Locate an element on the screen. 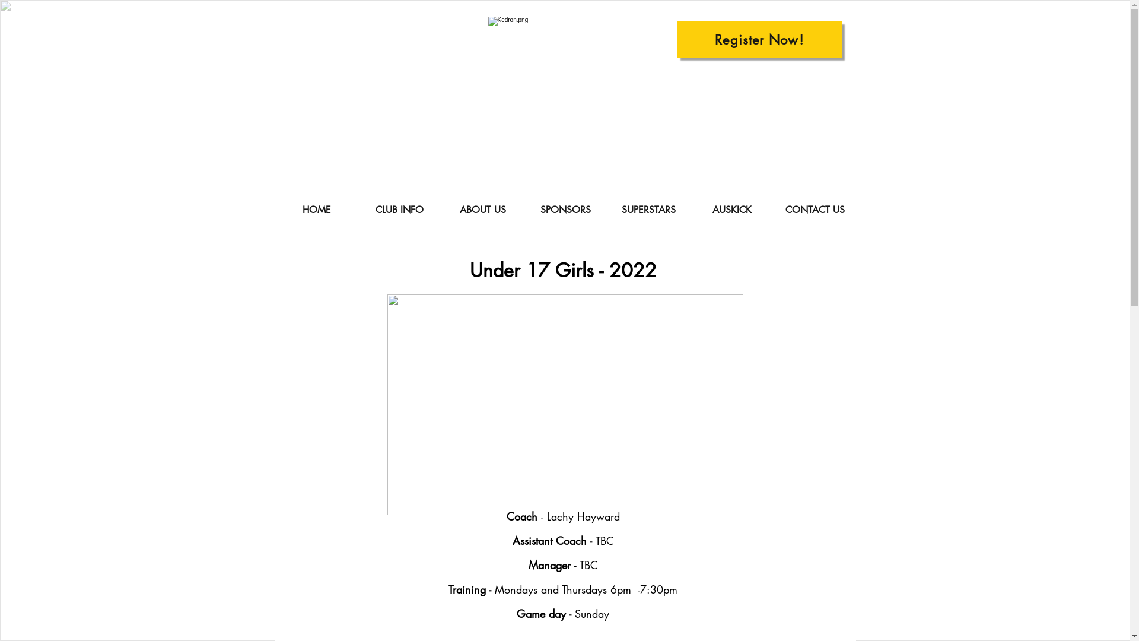 The image size is (1139, 641). 'Register Now!' is located at coordinates (759, 39).